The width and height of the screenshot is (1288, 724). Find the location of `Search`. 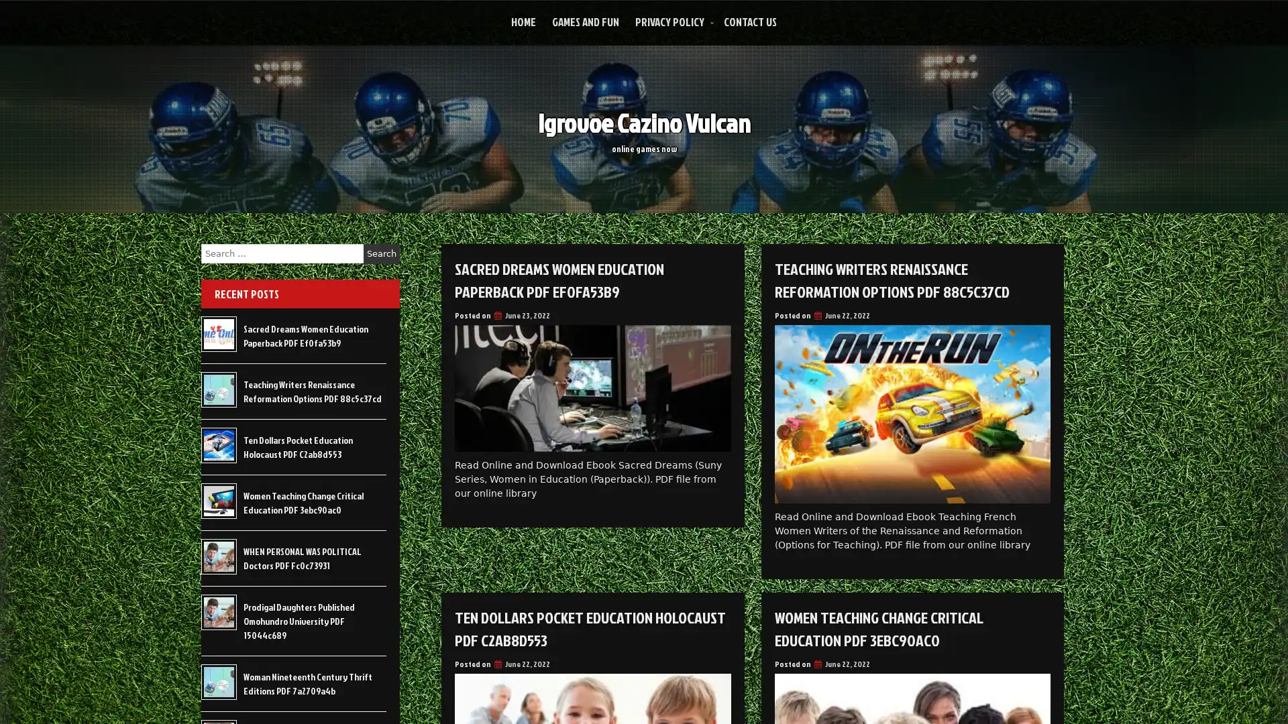

Search is located at coordinates (381, 253).